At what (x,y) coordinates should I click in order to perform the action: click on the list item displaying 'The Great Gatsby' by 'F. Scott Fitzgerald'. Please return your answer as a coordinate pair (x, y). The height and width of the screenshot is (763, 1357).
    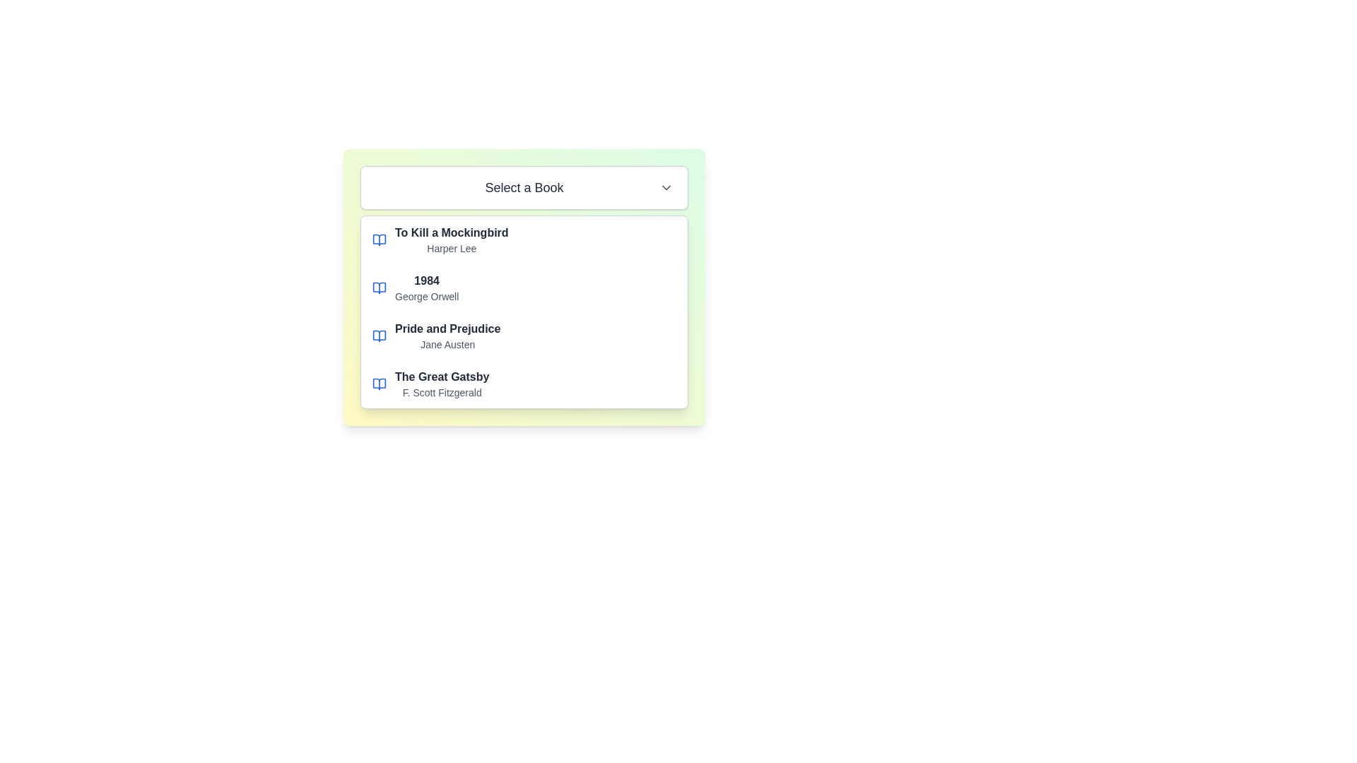
    Looking at the image, I should click on (524, 384).